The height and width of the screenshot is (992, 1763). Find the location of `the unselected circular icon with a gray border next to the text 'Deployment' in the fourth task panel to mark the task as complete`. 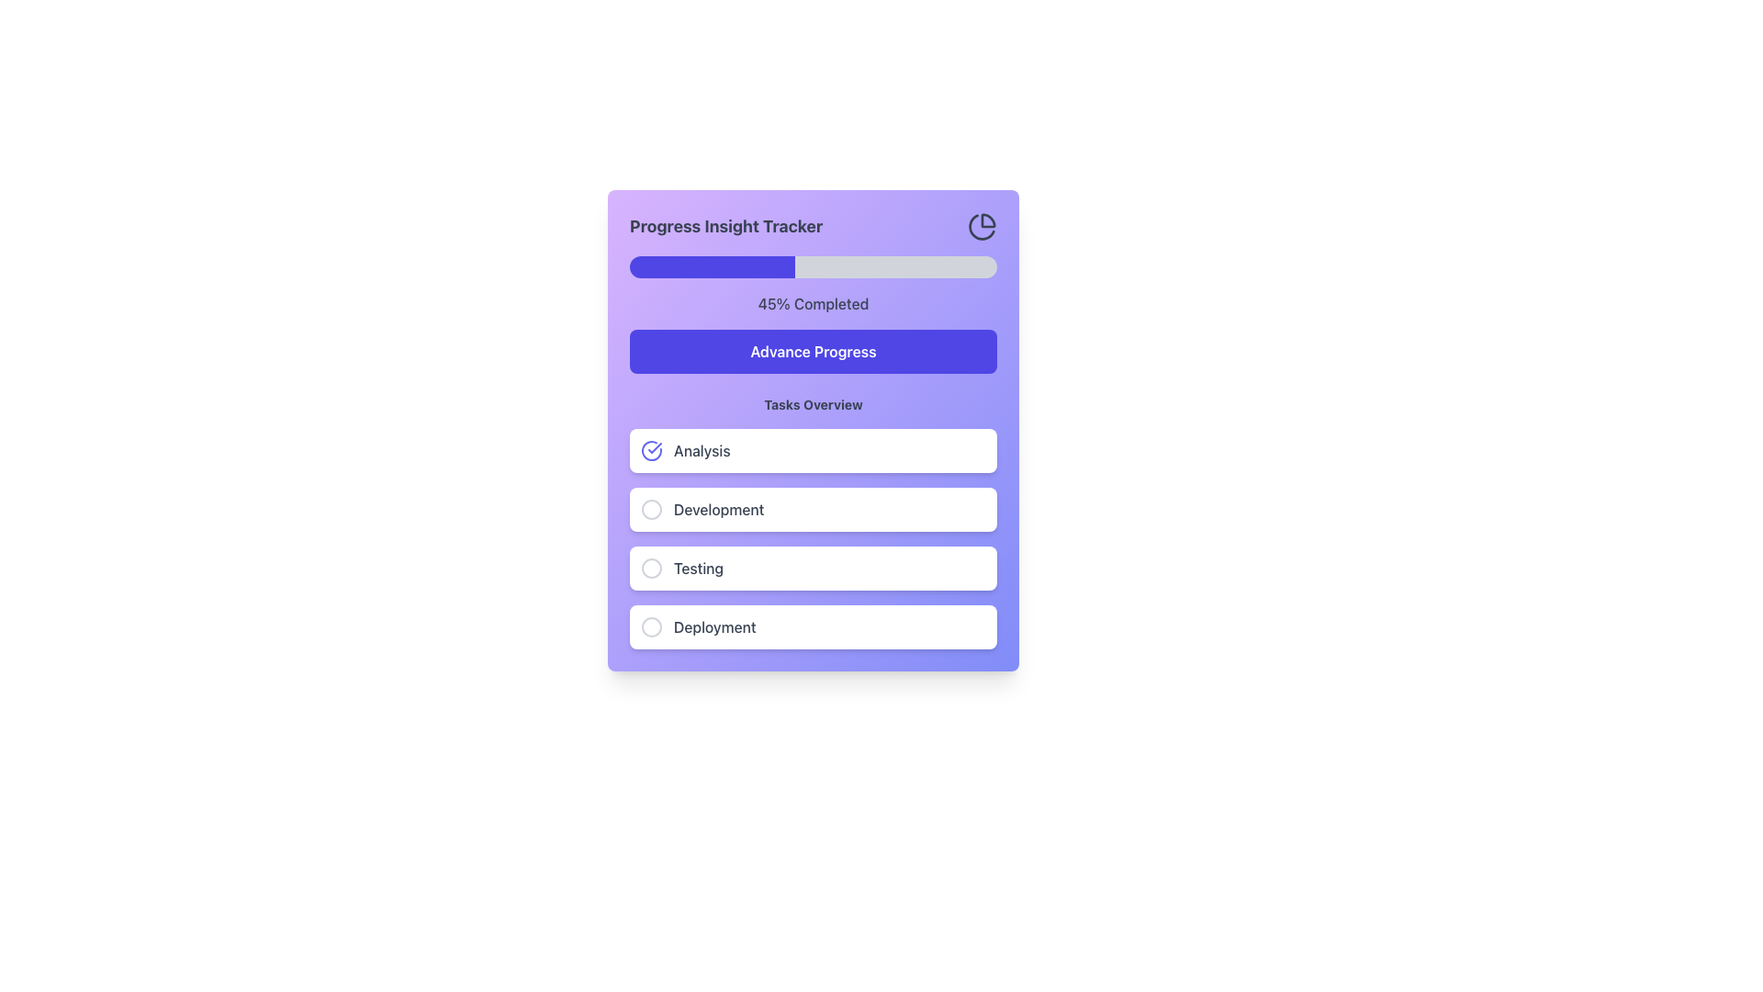

the unselected circular icon with a gray border next to the text 'Deployment' in the fourth task panel to mark the task as complete is located at coordinates (652, 626).